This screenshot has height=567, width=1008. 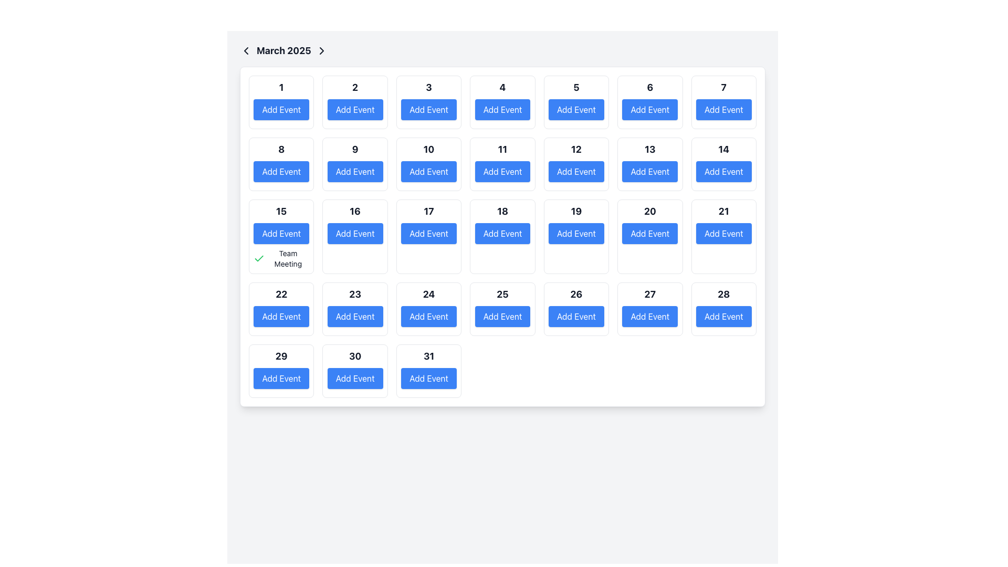 I want to click on the 'Add Event' button located in the calendar day indicator for the date '17' to observe interactivity effects, so click(x=429, y=237).